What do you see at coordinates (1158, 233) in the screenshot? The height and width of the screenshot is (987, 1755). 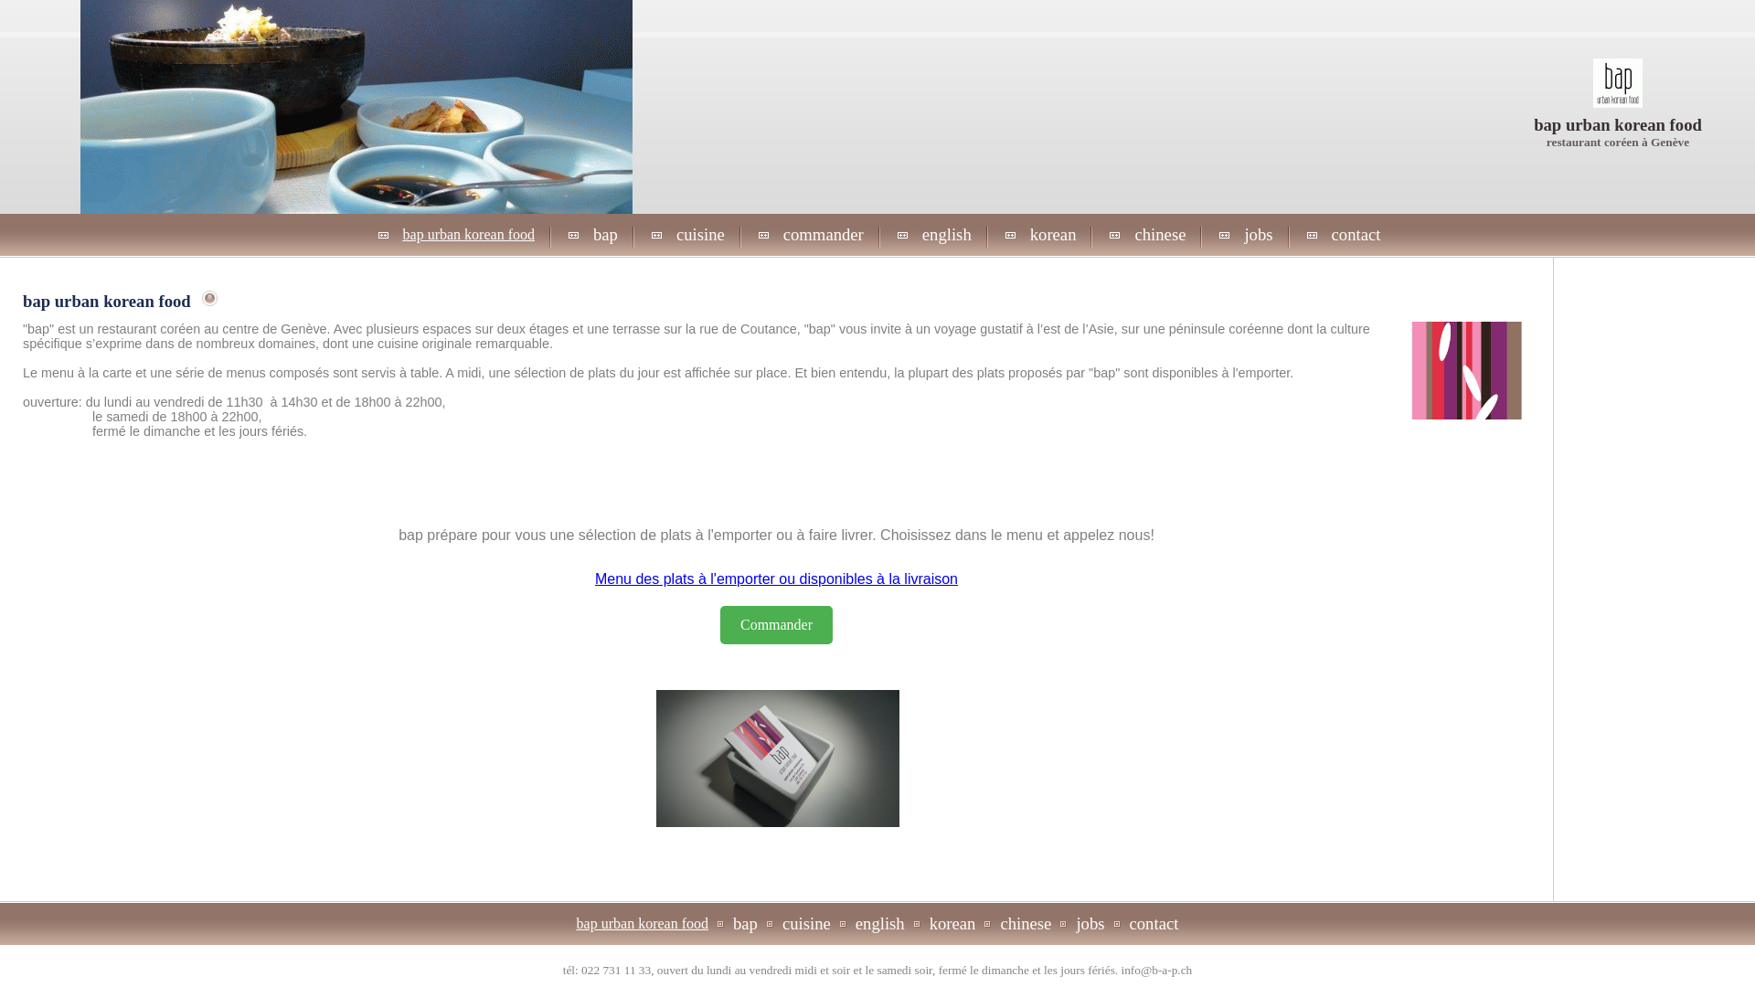 I see `'chinese'` at bounding box center [1158, 233].